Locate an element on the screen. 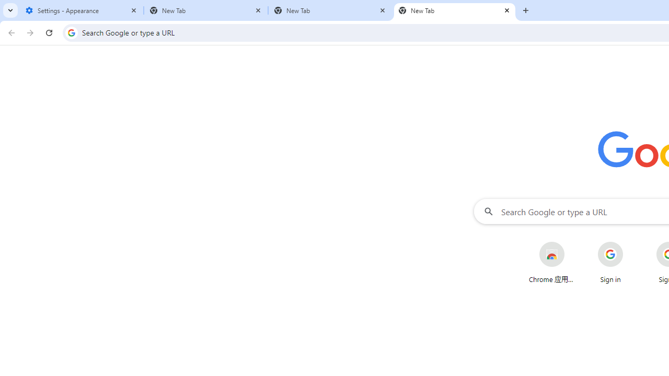  'New Tab' is located at coordinates (455, 10).